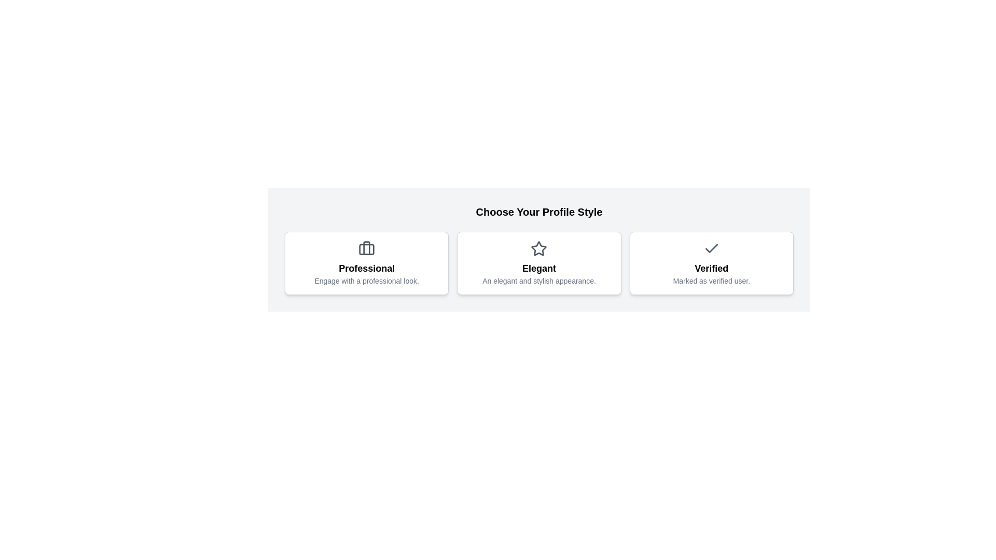  I want to click on the icon representing the Professional profile style, so click(366, 248).